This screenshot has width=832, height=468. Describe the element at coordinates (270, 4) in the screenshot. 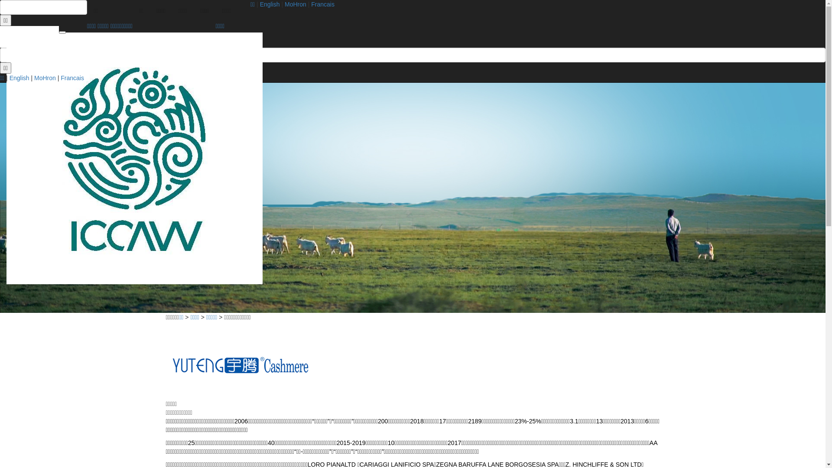

I see `'English'` at that location.